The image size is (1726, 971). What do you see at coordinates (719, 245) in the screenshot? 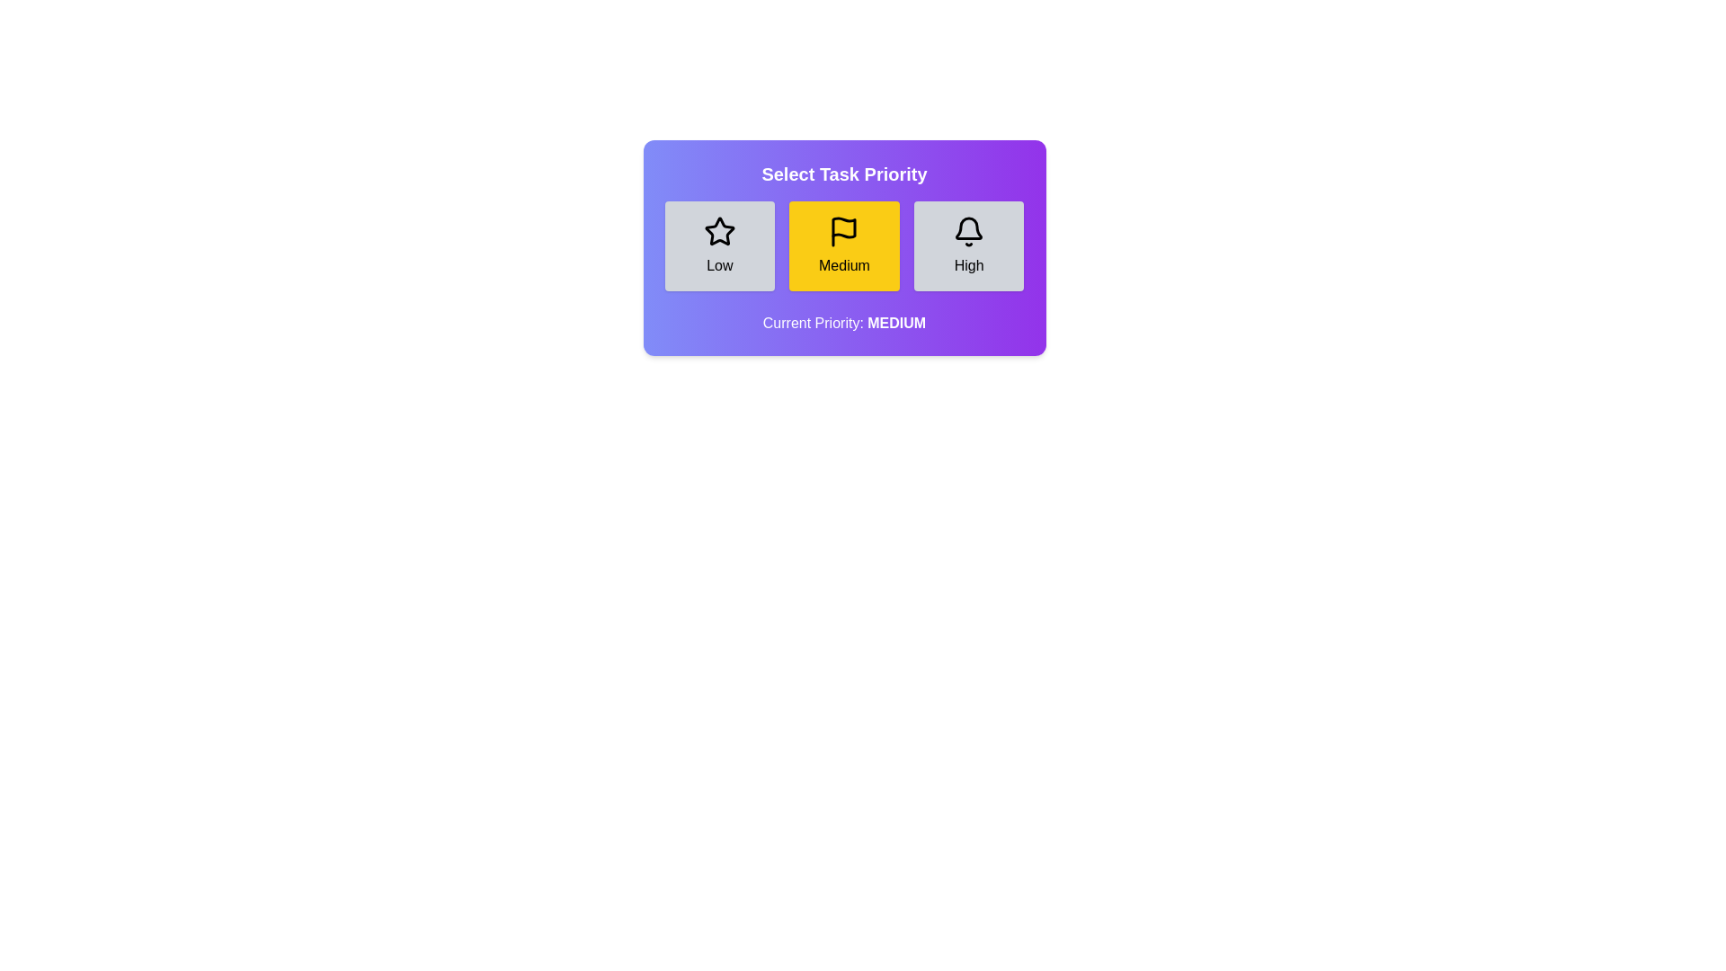
I see `the priority level Low by clicking on the corresponding button` at bounding box center [719, 245].